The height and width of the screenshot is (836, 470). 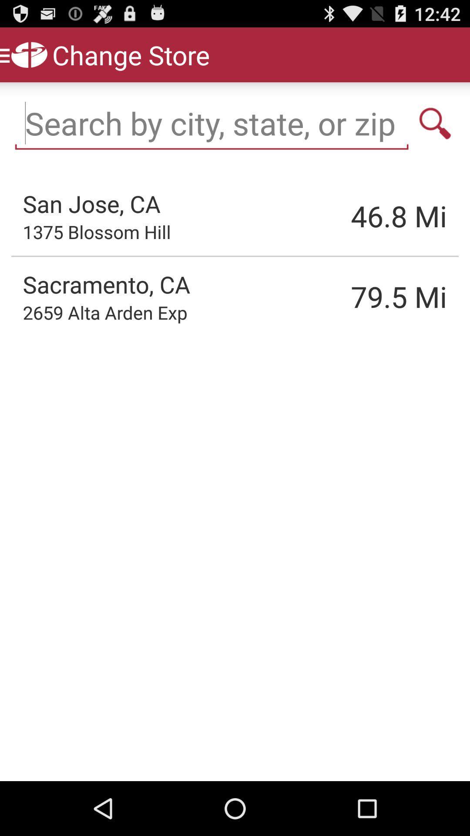 I want to click on keywords to search, so click(x=211, y=123).